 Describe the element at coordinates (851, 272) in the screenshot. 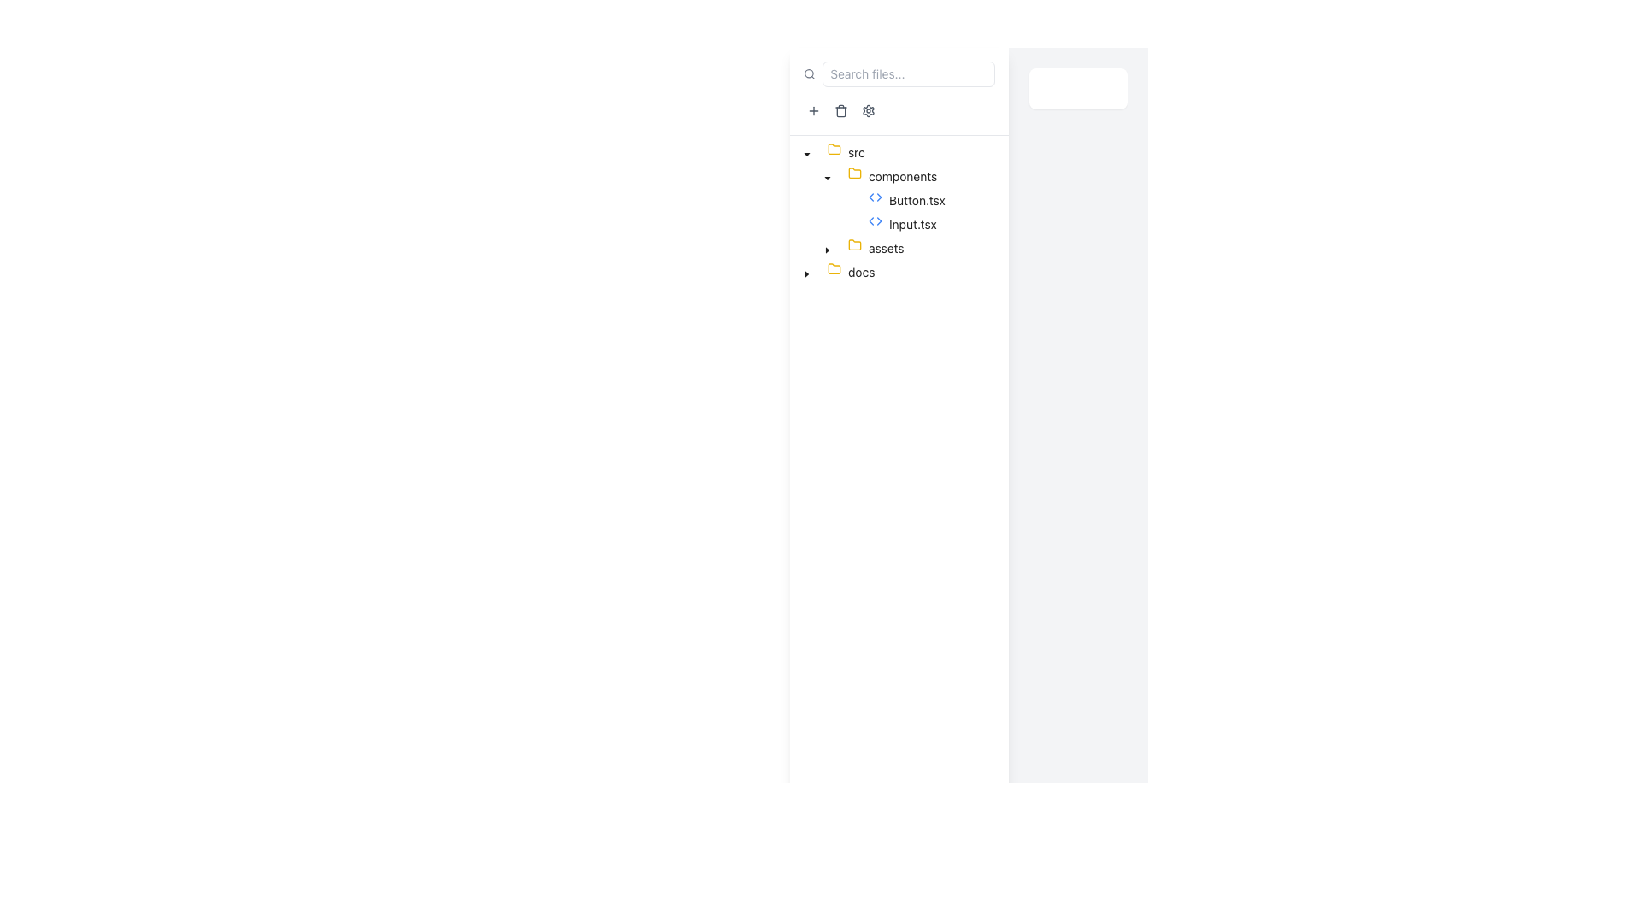

I see `the 'docs' folder node` at that location.